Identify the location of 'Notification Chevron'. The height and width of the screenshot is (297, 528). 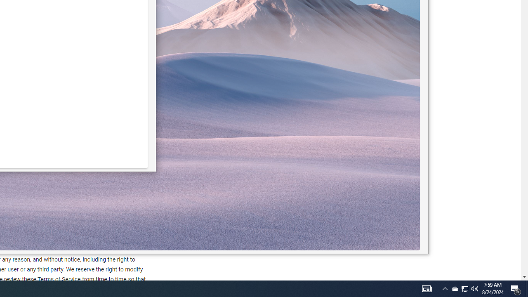
(465, 288).